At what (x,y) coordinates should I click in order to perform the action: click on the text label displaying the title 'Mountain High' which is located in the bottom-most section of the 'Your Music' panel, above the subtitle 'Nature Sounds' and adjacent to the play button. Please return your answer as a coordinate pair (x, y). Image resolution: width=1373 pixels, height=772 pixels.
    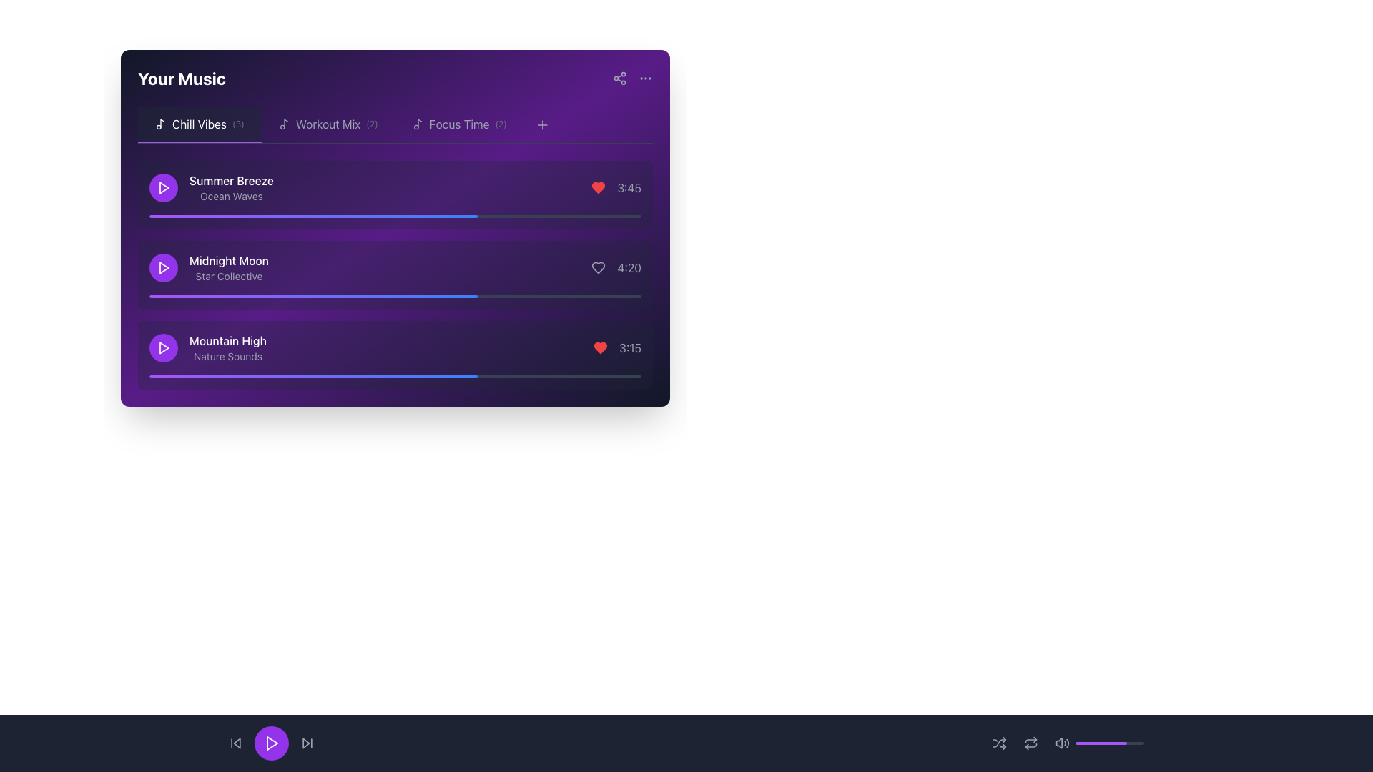
    Looking at the image, I should click on (227, 341).